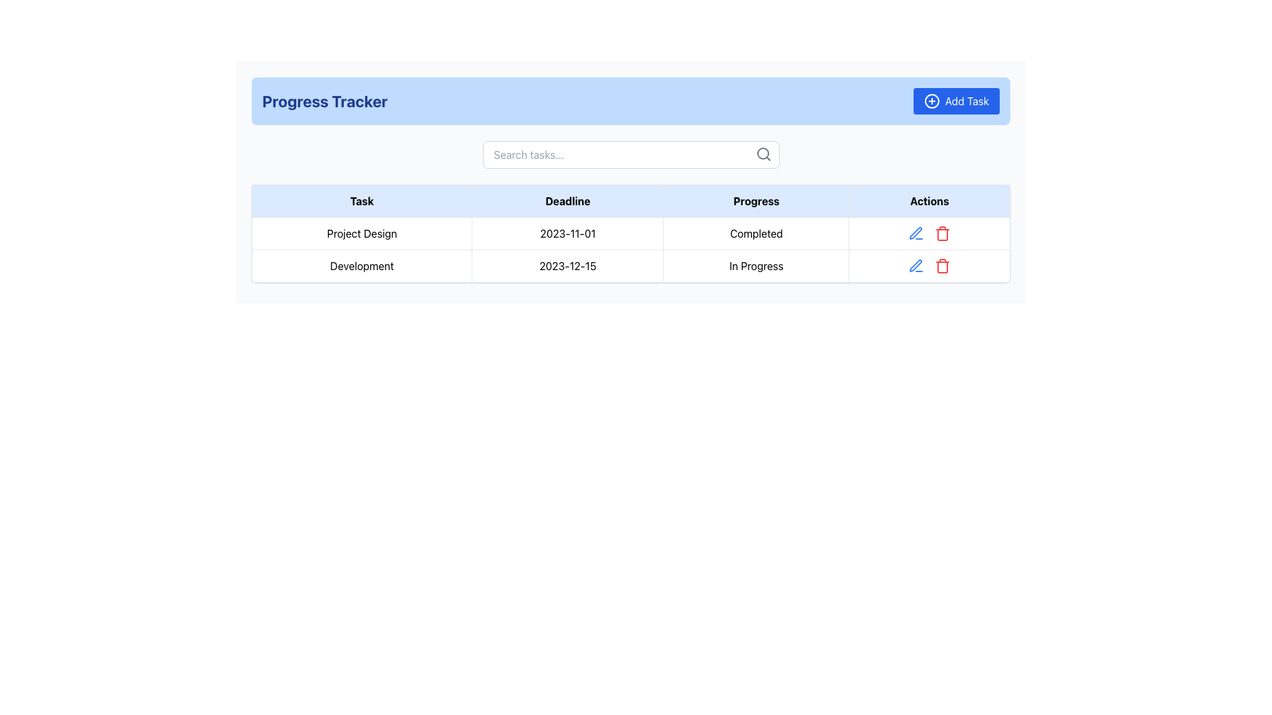  What do you see at coordinates (942, 233) in the screenshot?
I see `the delete button located in the 'Actions' column of the second row in the table` at bounding box center [942, 233].